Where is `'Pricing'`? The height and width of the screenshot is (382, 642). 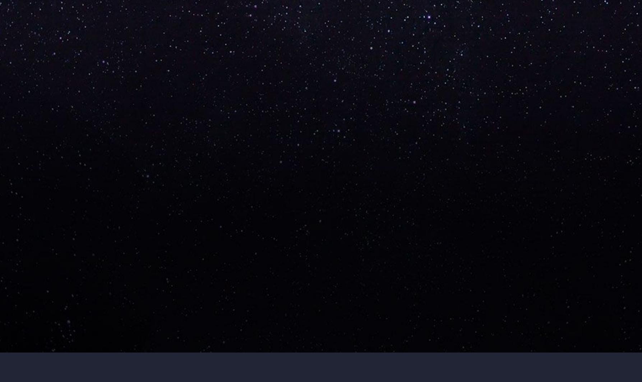 'Pricing' is located at coordinates (116, 203).